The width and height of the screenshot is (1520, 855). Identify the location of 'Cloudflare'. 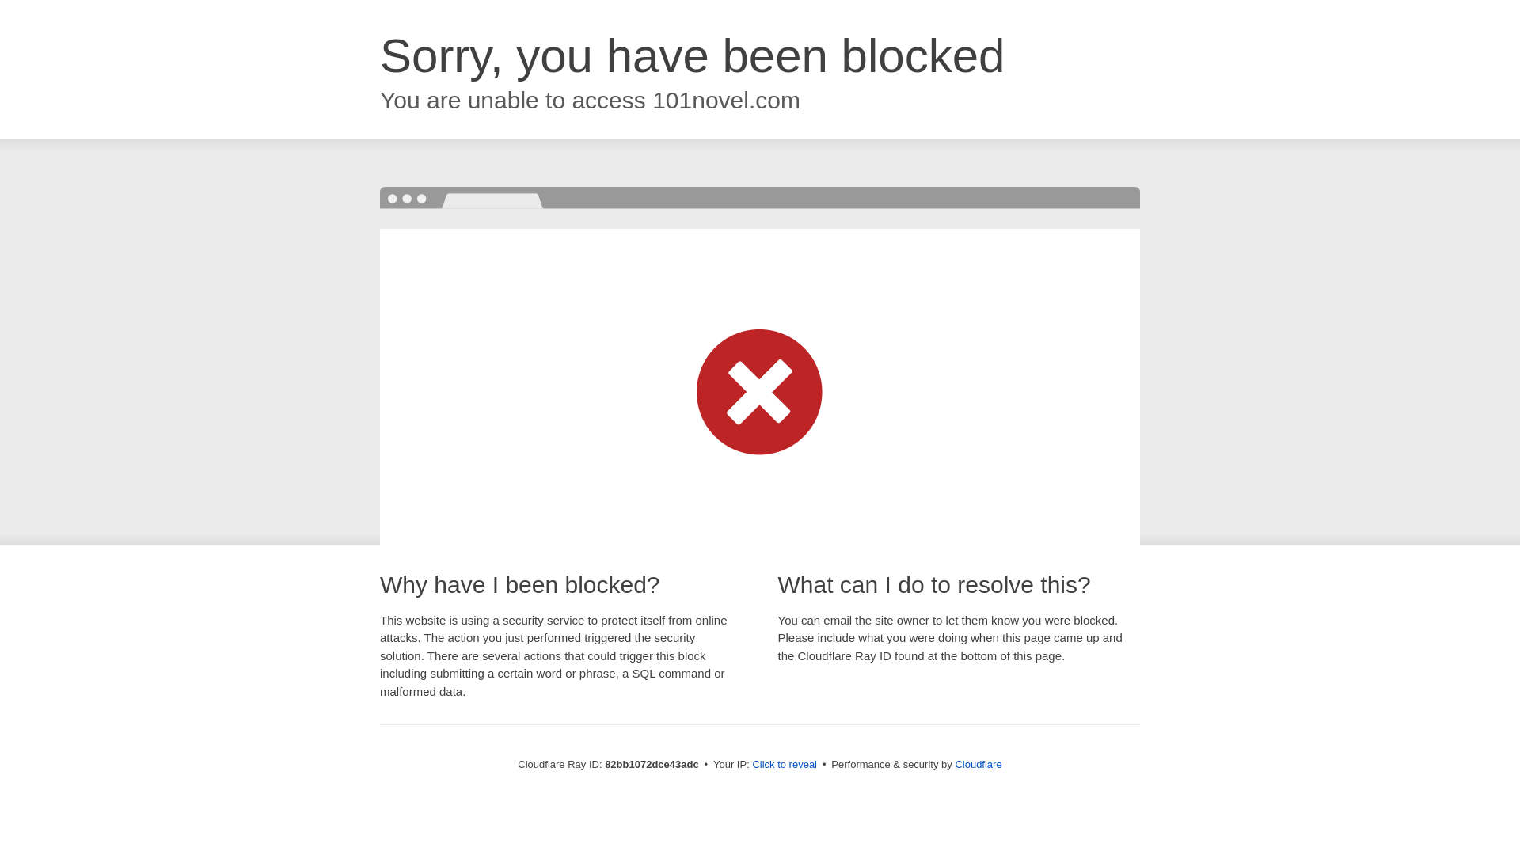
(977, 763).